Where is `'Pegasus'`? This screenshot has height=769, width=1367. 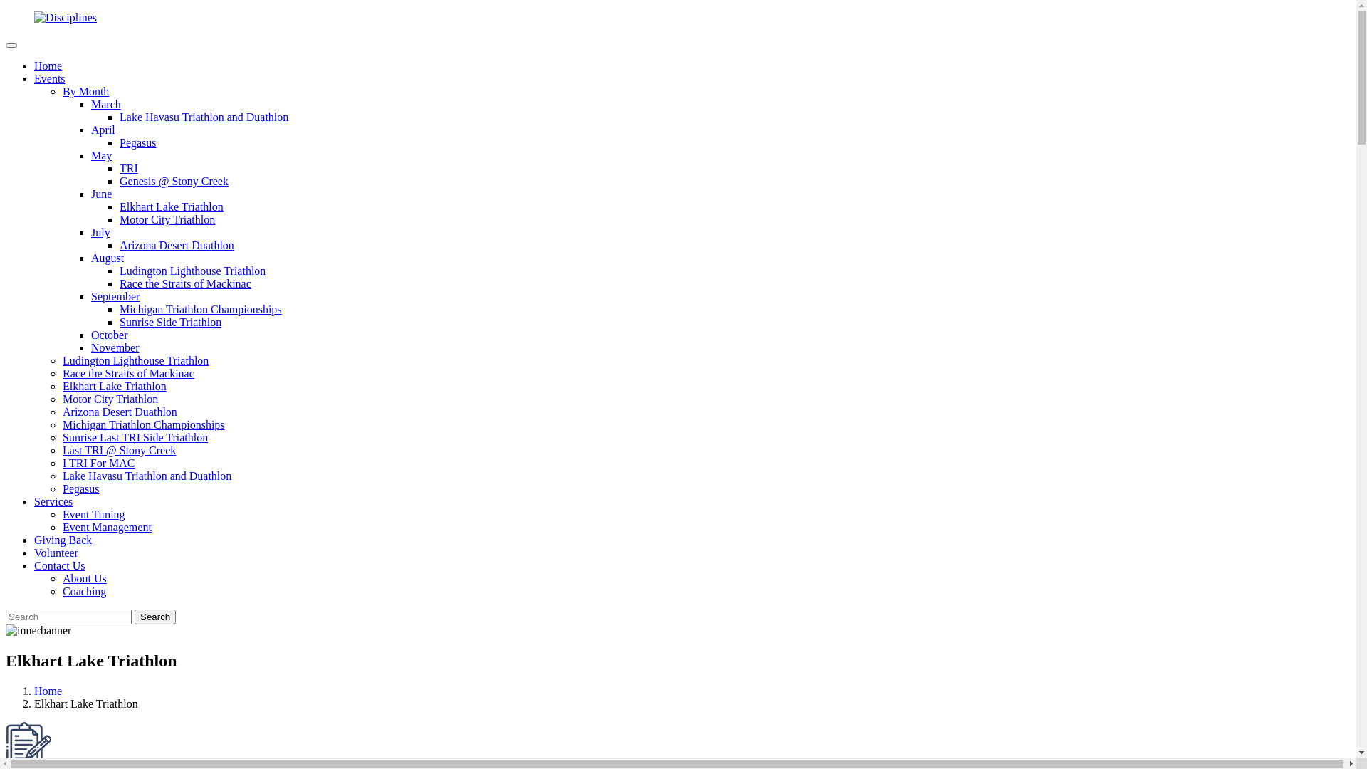 'Pegasus' is located at coordinates (80, 488).